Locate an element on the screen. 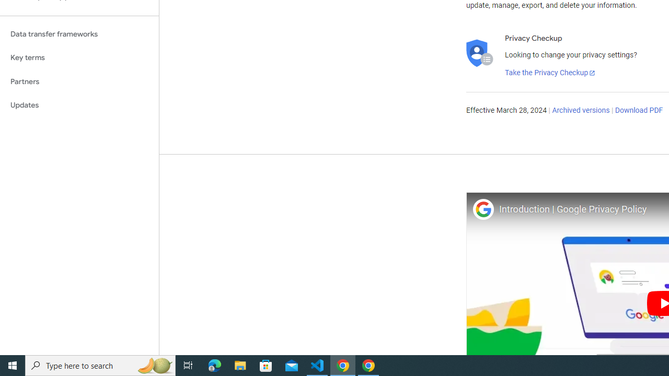 The width and height of the screenshot is (669, 376). 'Download PDF' is located at coordinates (638, 111).